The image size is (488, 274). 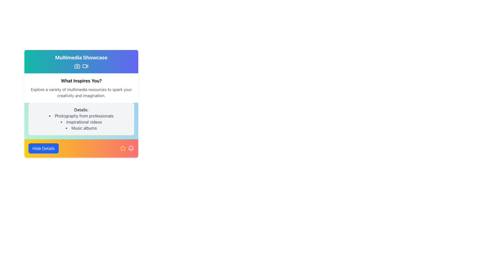 I want to click on the list item labeled 'Music albums', which is the third item in an unordered list under the 'Details:' section, so click(x=81, y=128).